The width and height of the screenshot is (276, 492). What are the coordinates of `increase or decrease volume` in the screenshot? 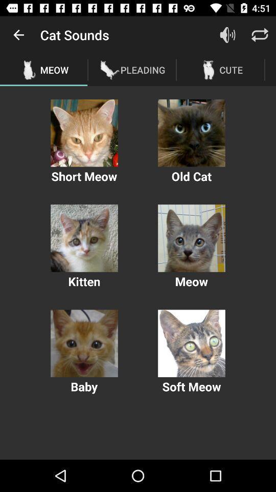 It's located at (227, 35).